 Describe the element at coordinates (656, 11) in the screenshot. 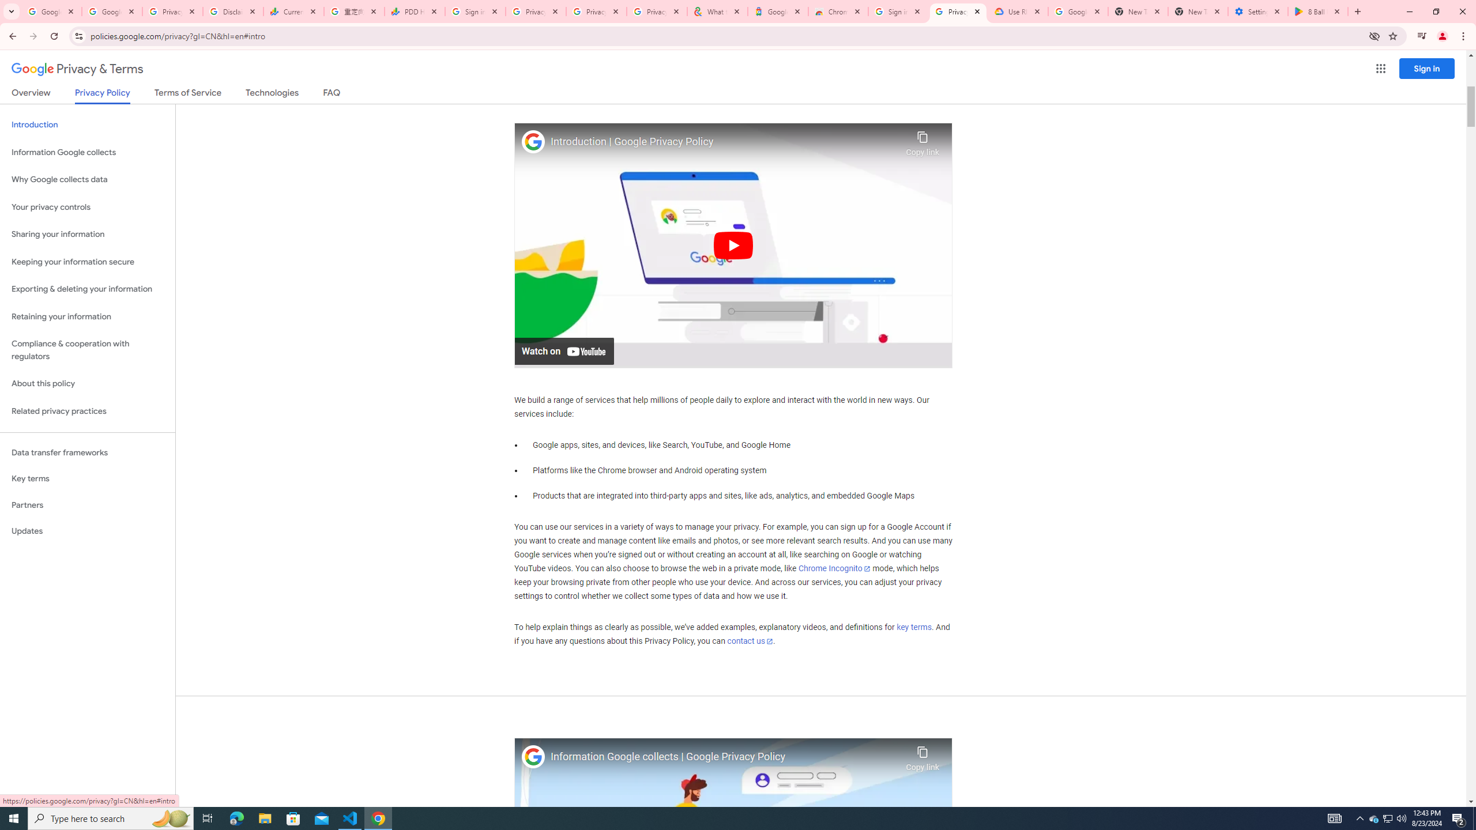

I see `'Privacy Checkup'` at that location.